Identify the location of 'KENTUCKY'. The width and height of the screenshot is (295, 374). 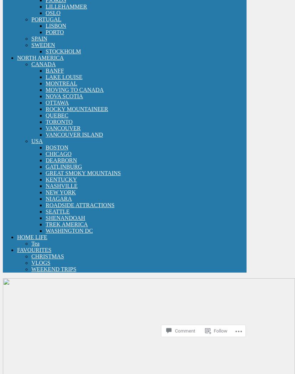
(61, 179).